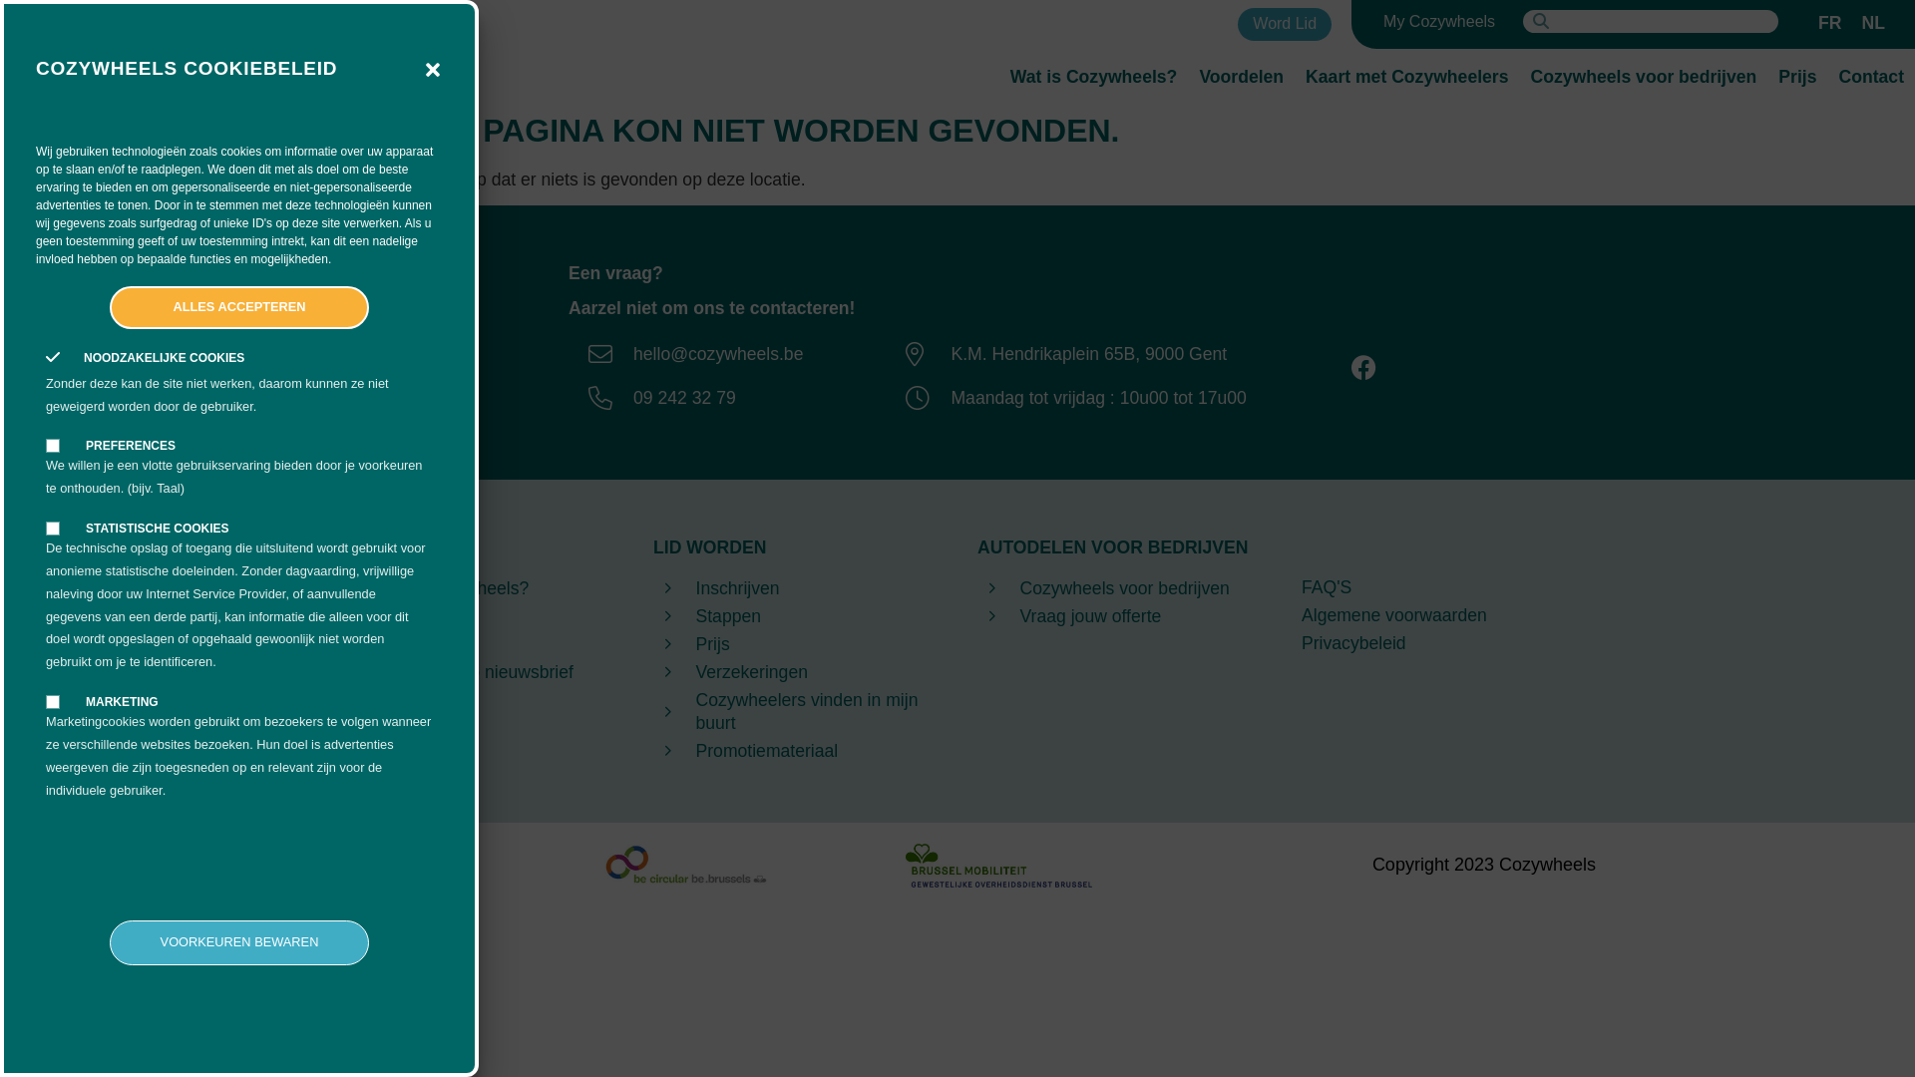 The width and height of the screenshot is (1915, 1077). I want to click on 'Prijs', so click(1796, 76).